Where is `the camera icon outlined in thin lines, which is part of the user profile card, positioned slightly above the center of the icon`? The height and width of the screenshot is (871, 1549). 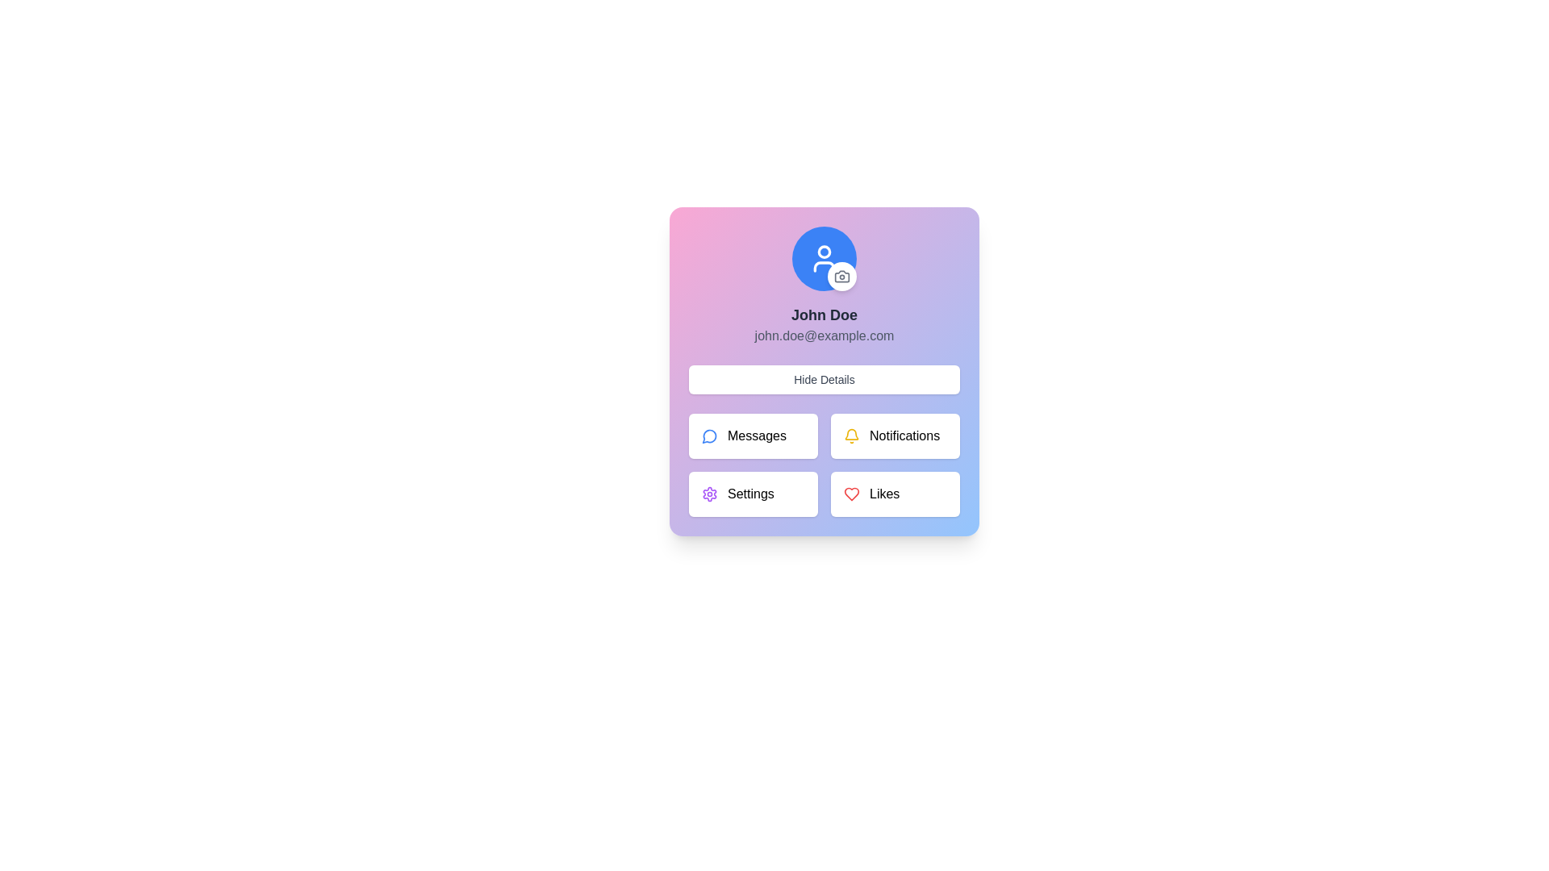
the camera icon outlined in thin lines, which is part of the user profile card, positioned slightly above the center of the icon is located at coordinates (841, 276).